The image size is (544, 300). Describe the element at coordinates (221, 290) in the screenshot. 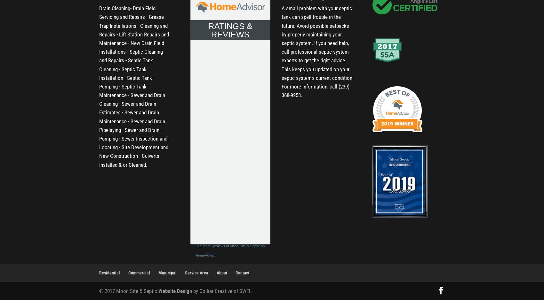

I see `'by Collier Creative of SWFL'` at that location.